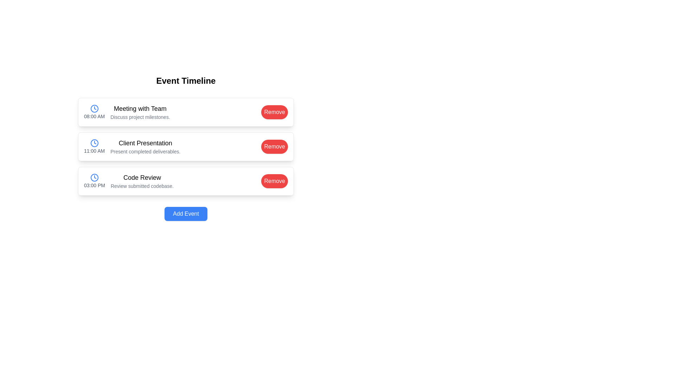 This screenshot has width=675, height=380. Describe the element at coordinates (94, 181) in the screenshot. I see `the label indicating the scheduled start time of the 'Code Review' event, which is located at the left of the 'Code Review' text display` at that location.